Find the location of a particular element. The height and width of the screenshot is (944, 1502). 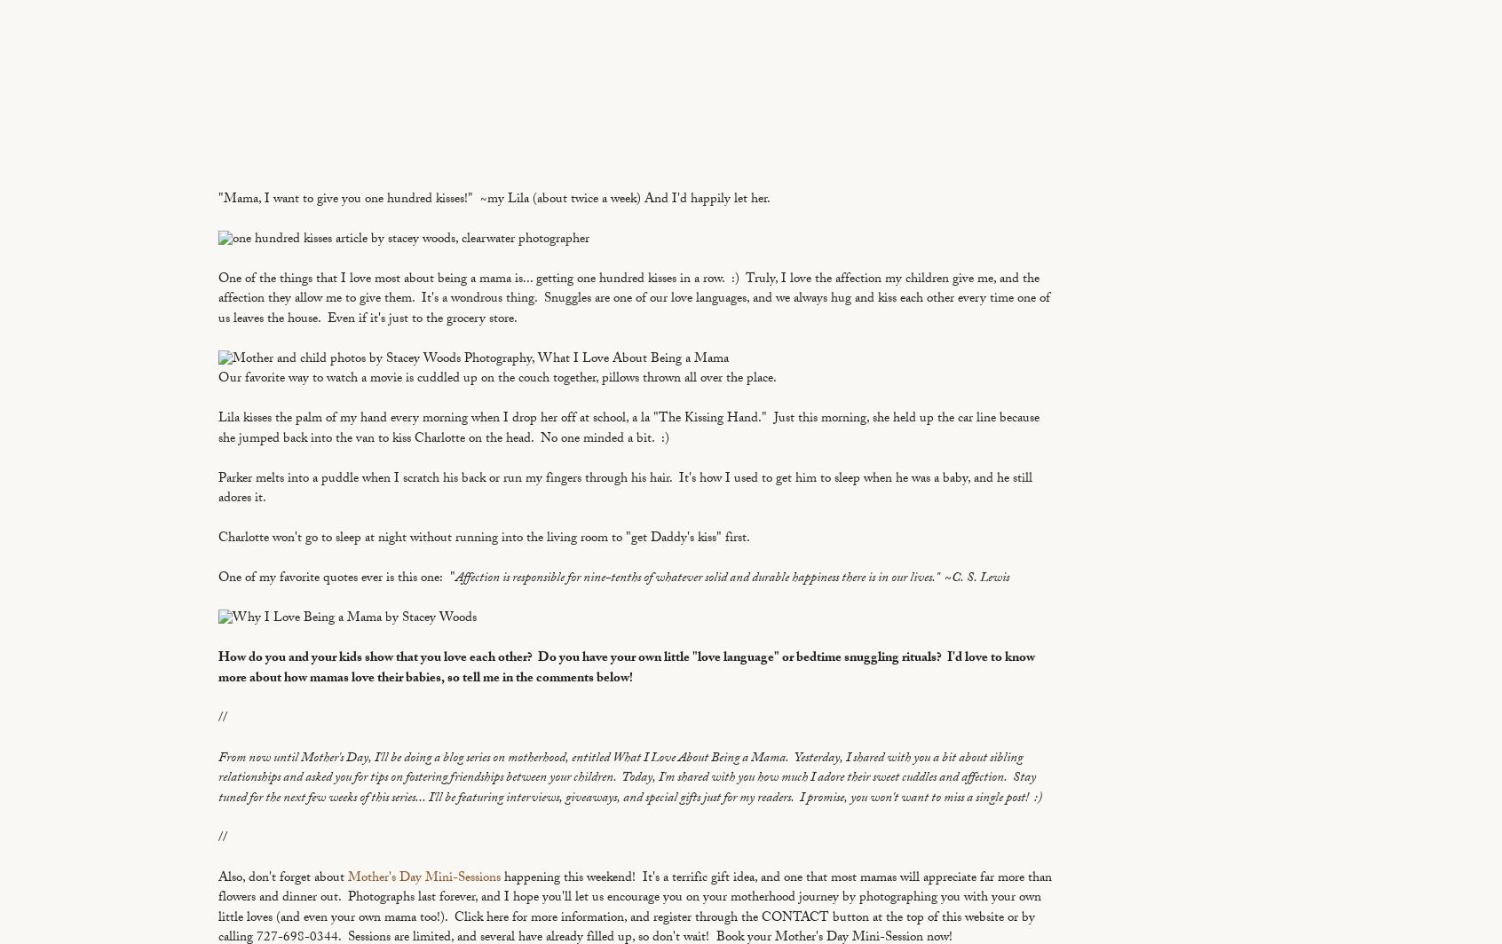

'One of the things that I love most about being a mama is... getting one hundred kisses in a row.  :)  Truly, I love the affection my children give me, and the affection they allow me to give them.  It's a wondrous thing.  Snuggles are one of our love languages, and we always hug and kiss each other every time one of us leaves the house.  Even if it's just to the grocery store.' is located at coordinates (633, 299).